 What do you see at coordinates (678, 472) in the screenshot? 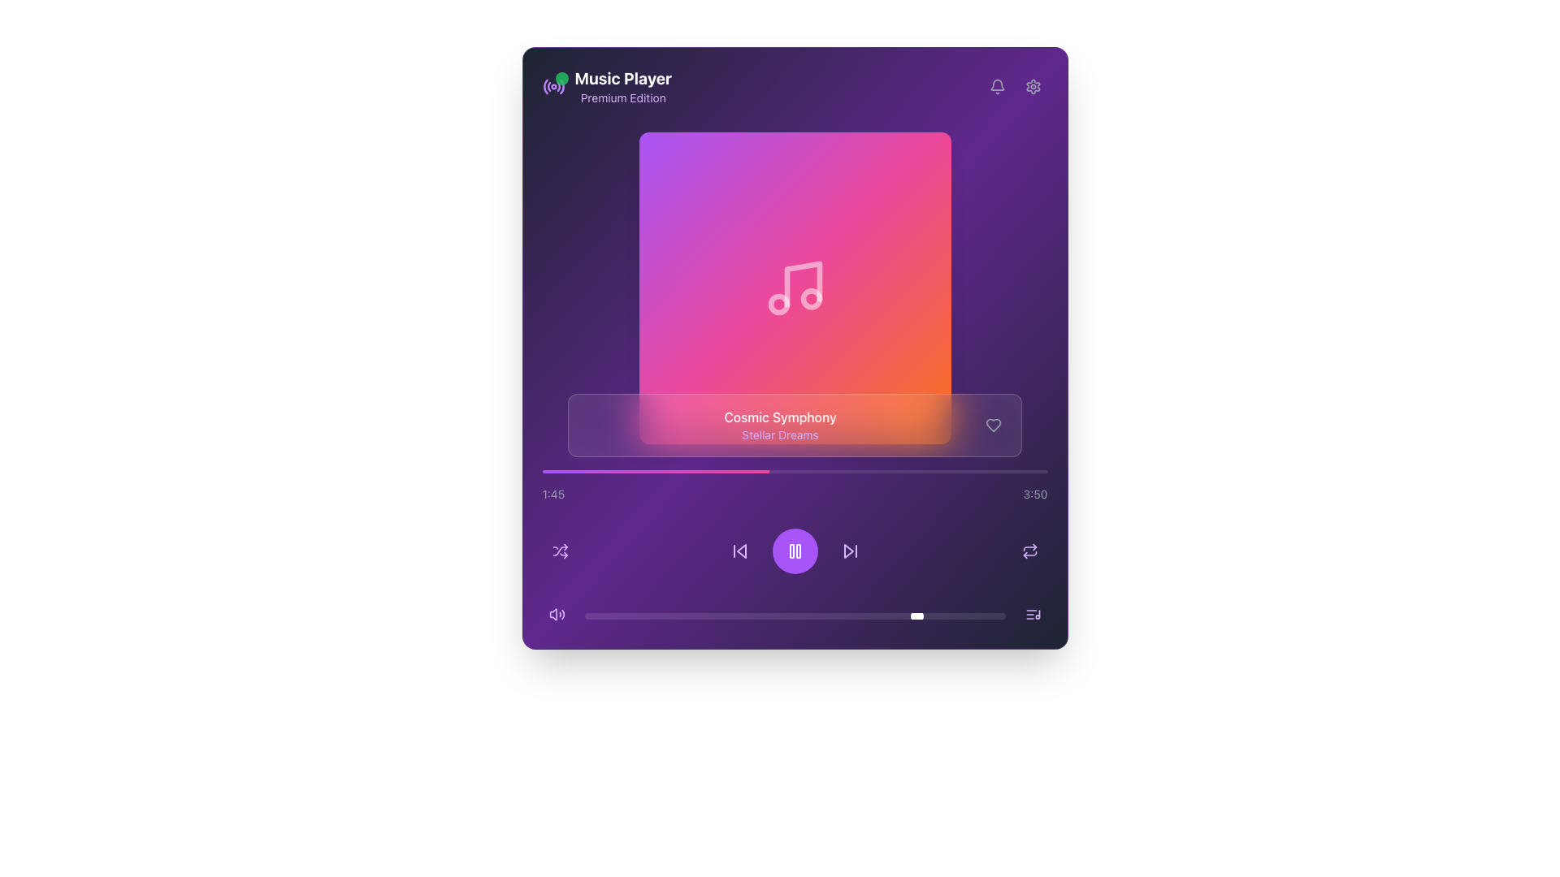
I see `the playback position` at bounding box center [678, 472].